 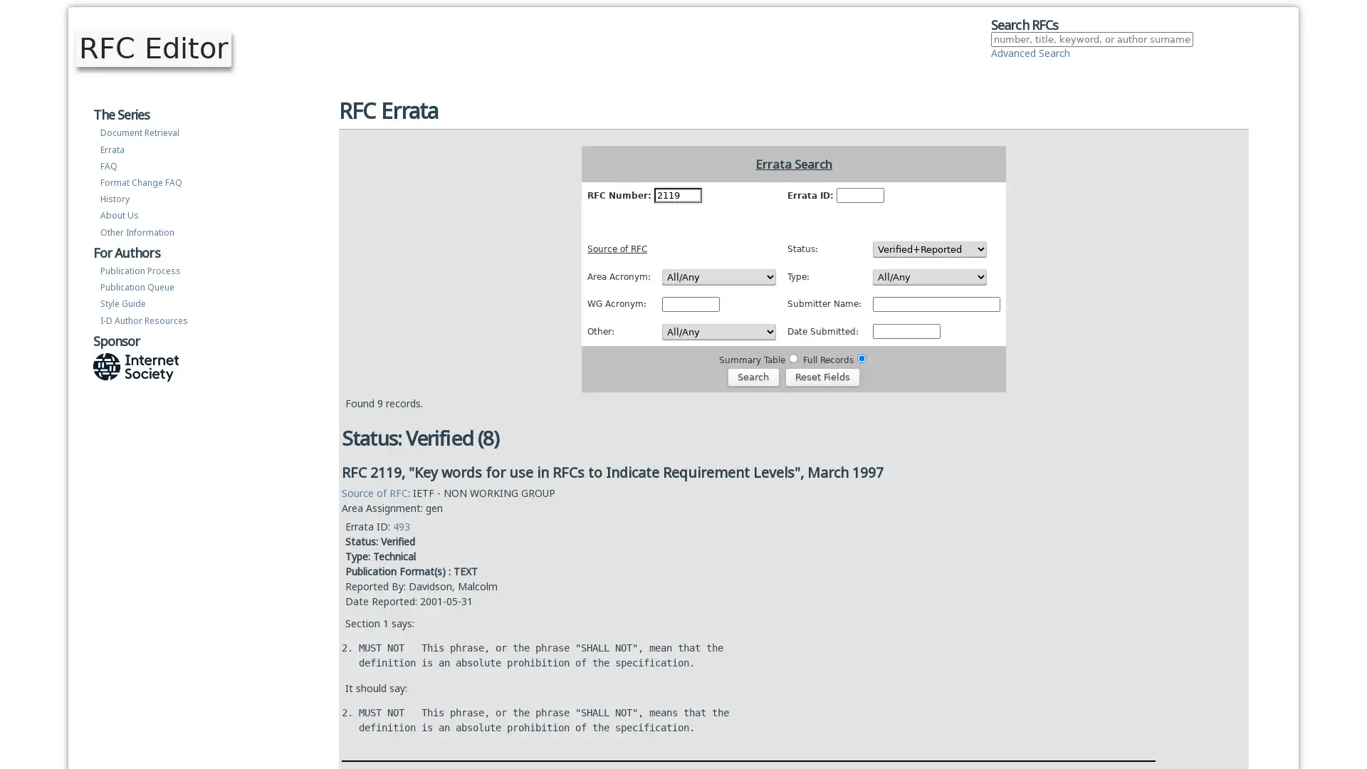 What do you see at coordinates (822, 375) in the screenshot?
I see `Reset Fields` at bounding box center [822, 375].